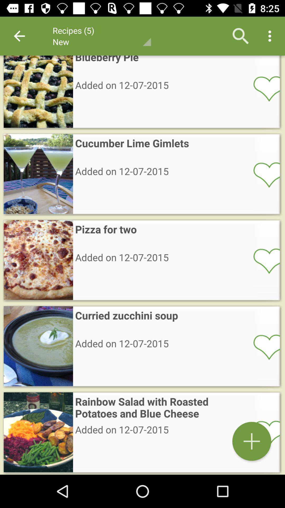 The height and width of the screenshot is (508, 285). Describe the element at coordinates (263, 88) in the screenshot. I see `as favorite` at that location.